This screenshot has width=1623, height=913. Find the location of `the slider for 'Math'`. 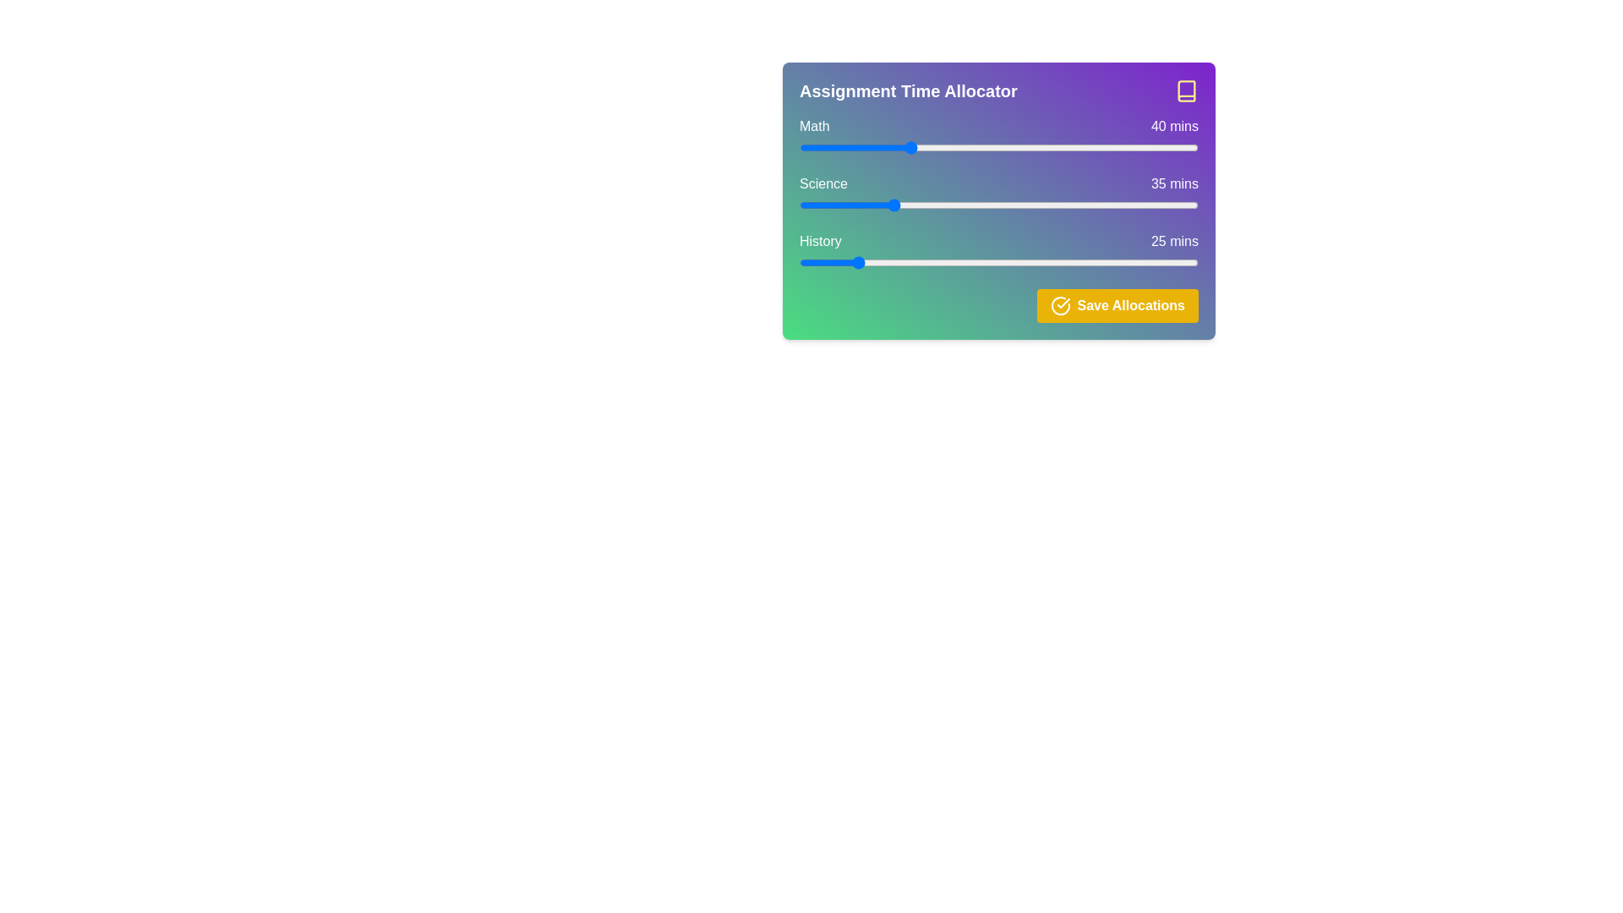

the slider for 'Math' is located at coordinates (889, 146).